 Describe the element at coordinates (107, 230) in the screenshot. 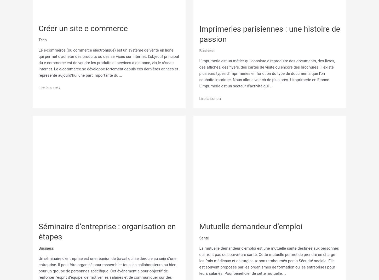

I see `'Séminaire d’entreprise : organisation en étapes'` at that location.